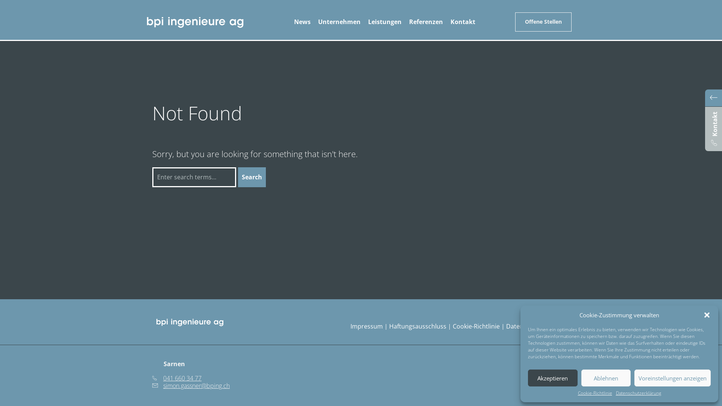  I want to click on '041 660 34 77', so click(176, 378).